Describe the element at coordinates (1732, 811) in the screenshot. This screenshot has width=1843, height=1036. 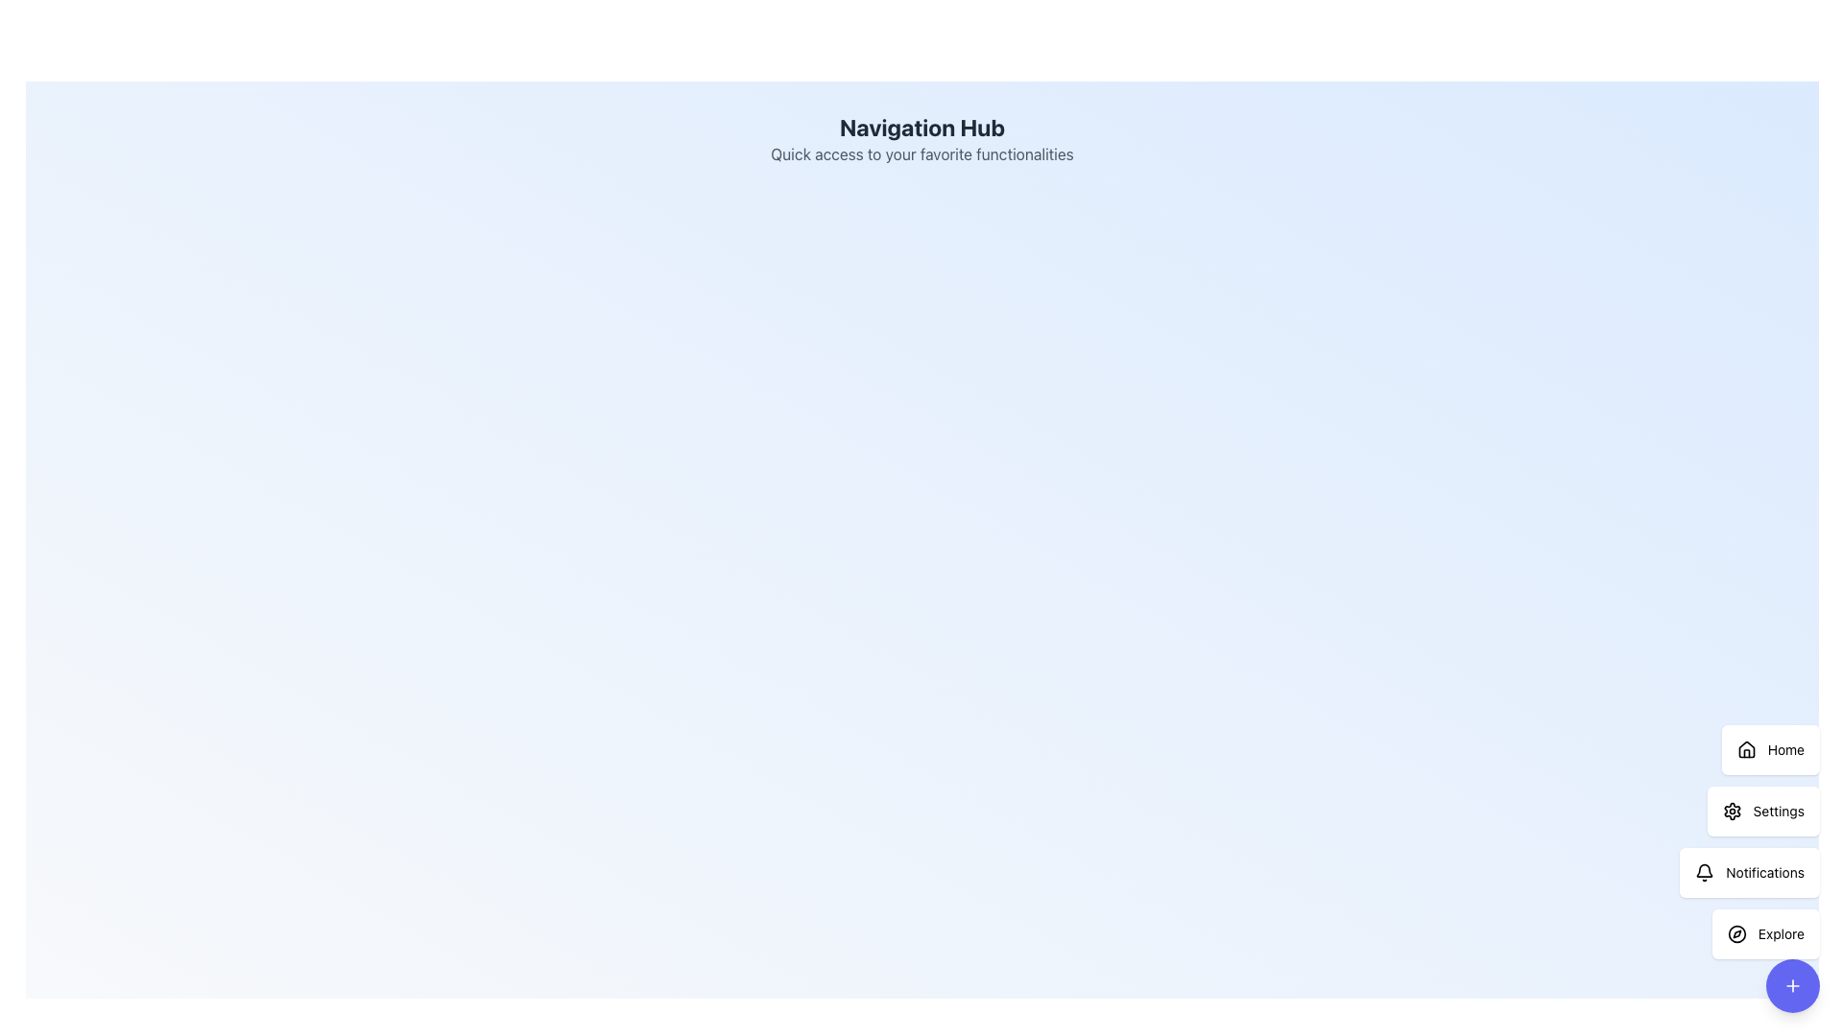
I see `the gear-shaped icon within the 'Settings' button located in the vertical menu on the right-hand side of the interface` at that location.